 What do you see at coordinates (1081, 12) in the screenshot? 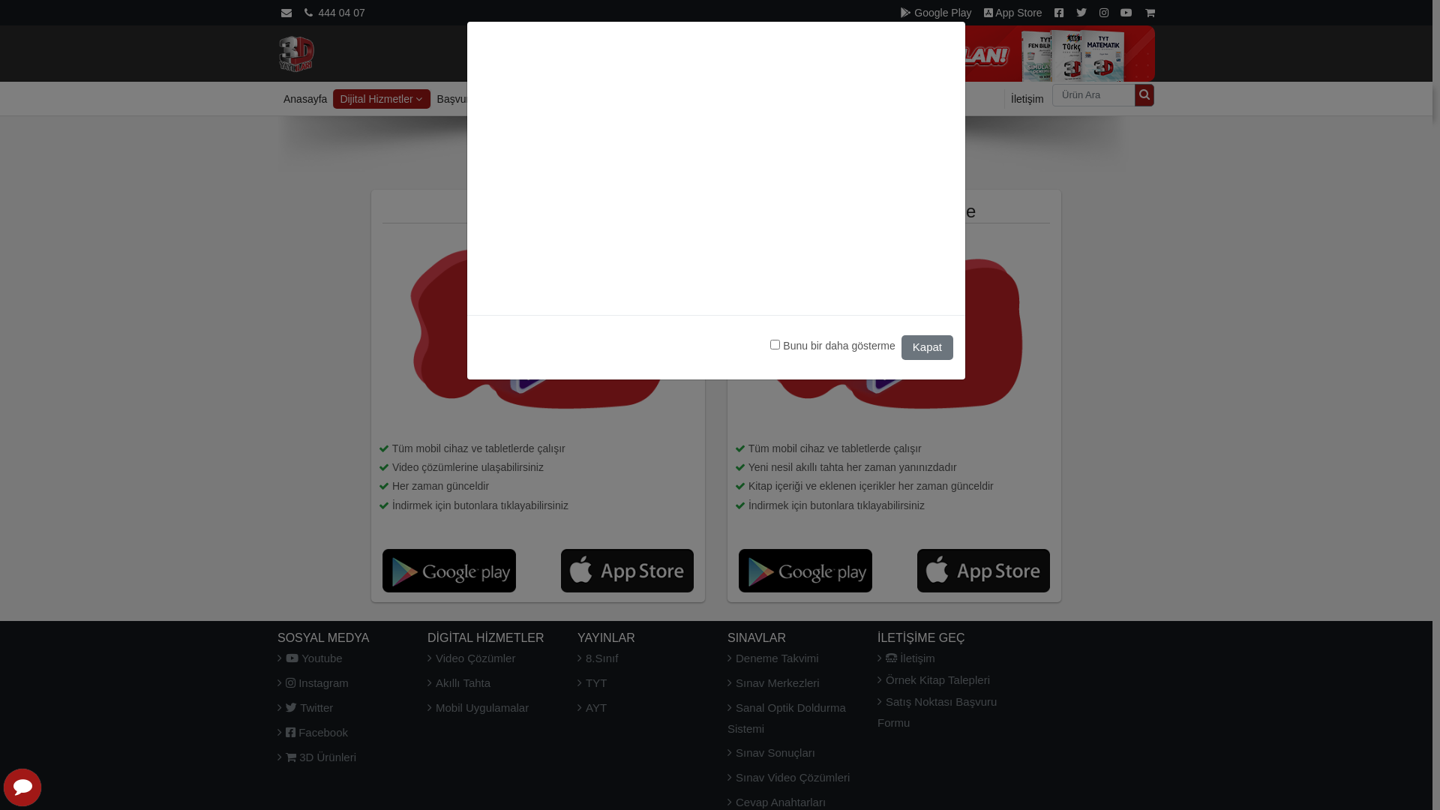
I see `'Twitter'` at bounding box center [1081, 12].